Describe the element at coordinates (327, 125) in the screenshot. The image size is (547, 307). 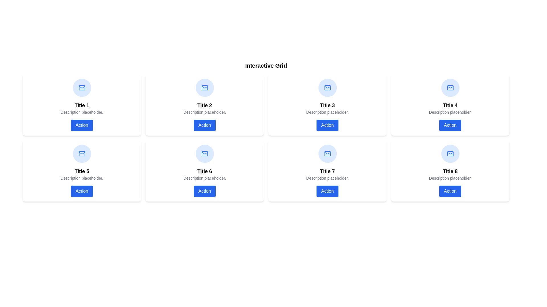
I see `the button located in the bottom section of the card titled 'Title 3', positioned in the third column of the first row in the grid layout to observe any hover effects` at that location.